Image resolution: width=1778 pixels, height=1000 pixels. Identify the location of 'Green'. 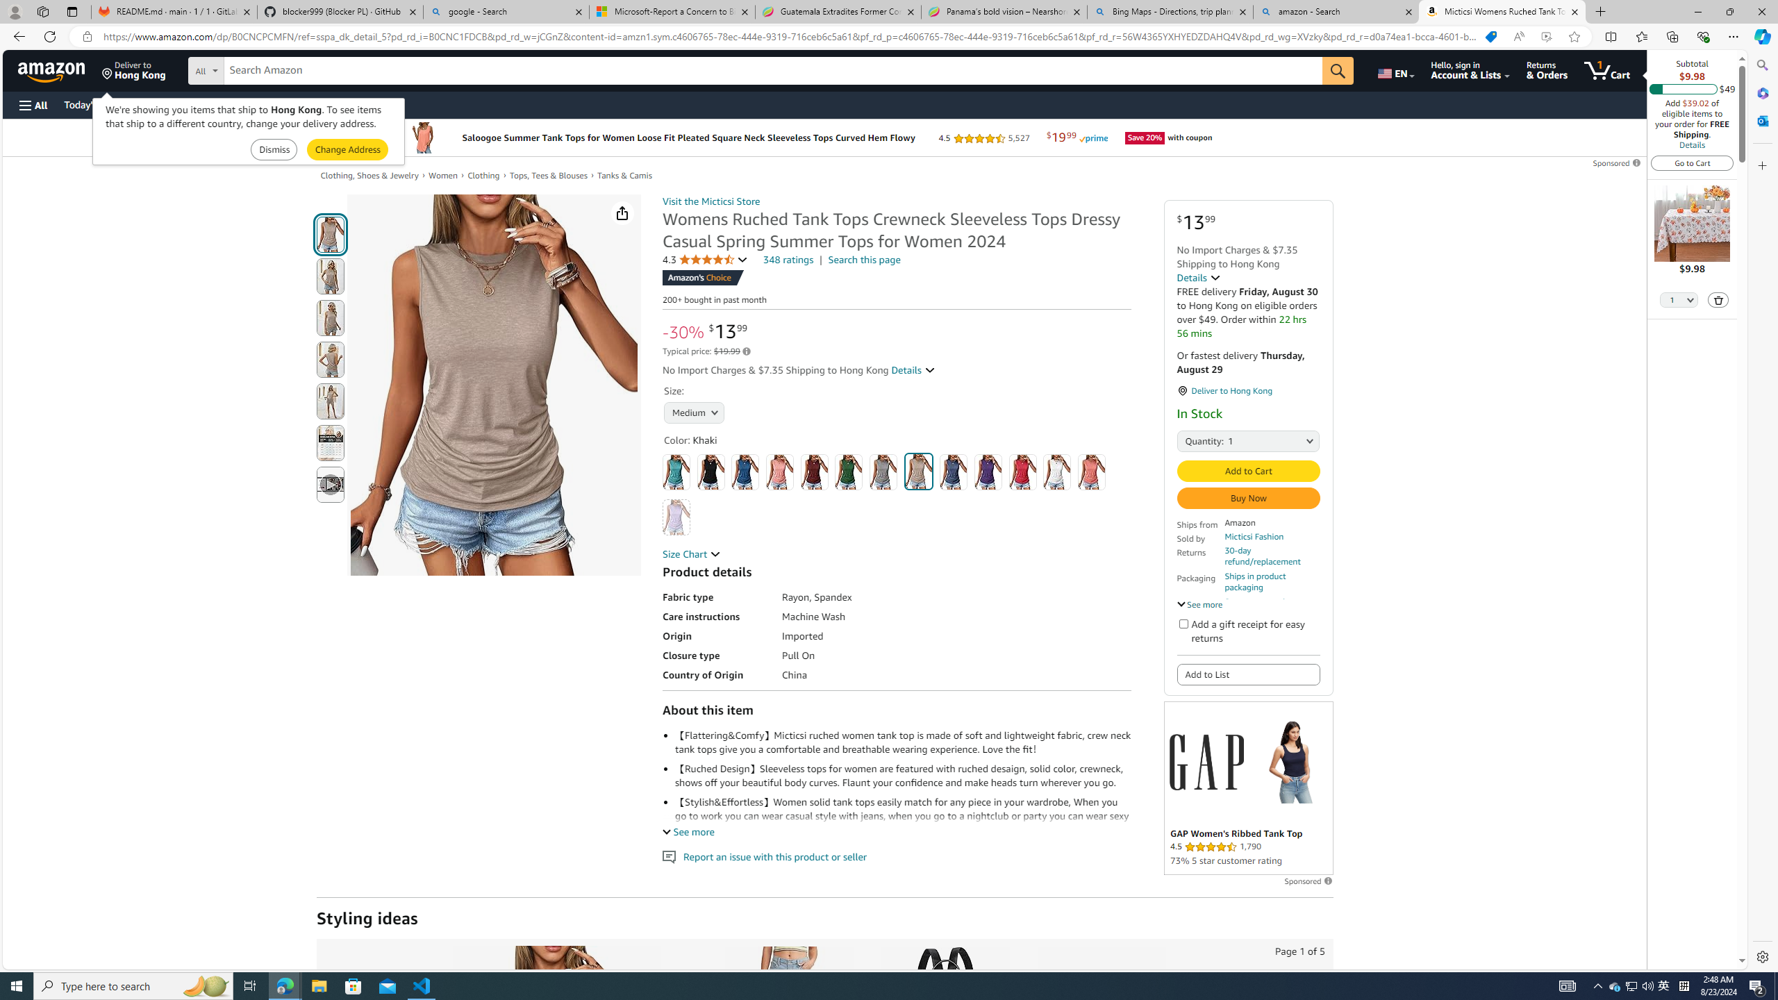
(849, 472).